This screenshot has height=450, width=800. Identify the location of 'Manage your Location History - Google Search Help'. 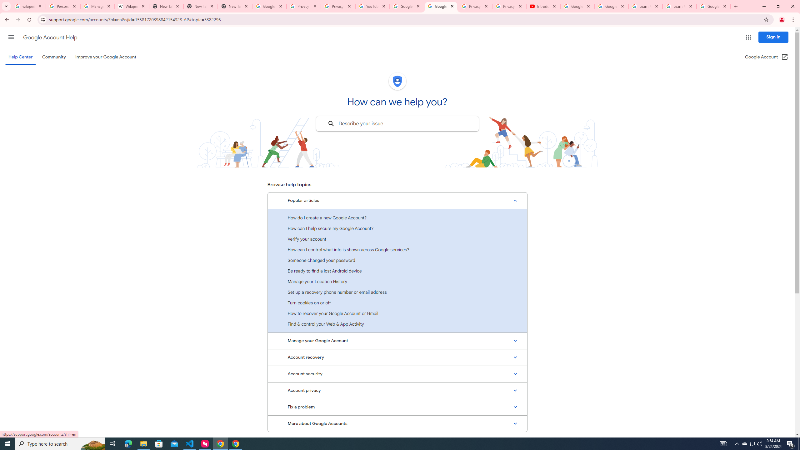
(97, 6).